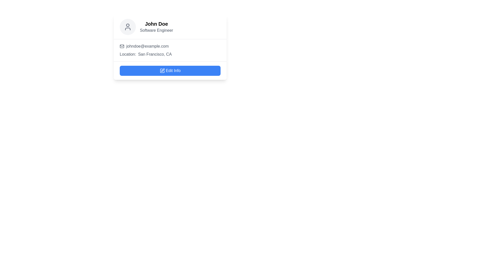 This screenshot has height=272, width=484. What do you see at coordinates (162, 71) in the screenshot?
I see `the editing icon located to the left of the 'Edit Info' text within the blue button at the bottom of the user profile section` at bounding box center [162, 71].